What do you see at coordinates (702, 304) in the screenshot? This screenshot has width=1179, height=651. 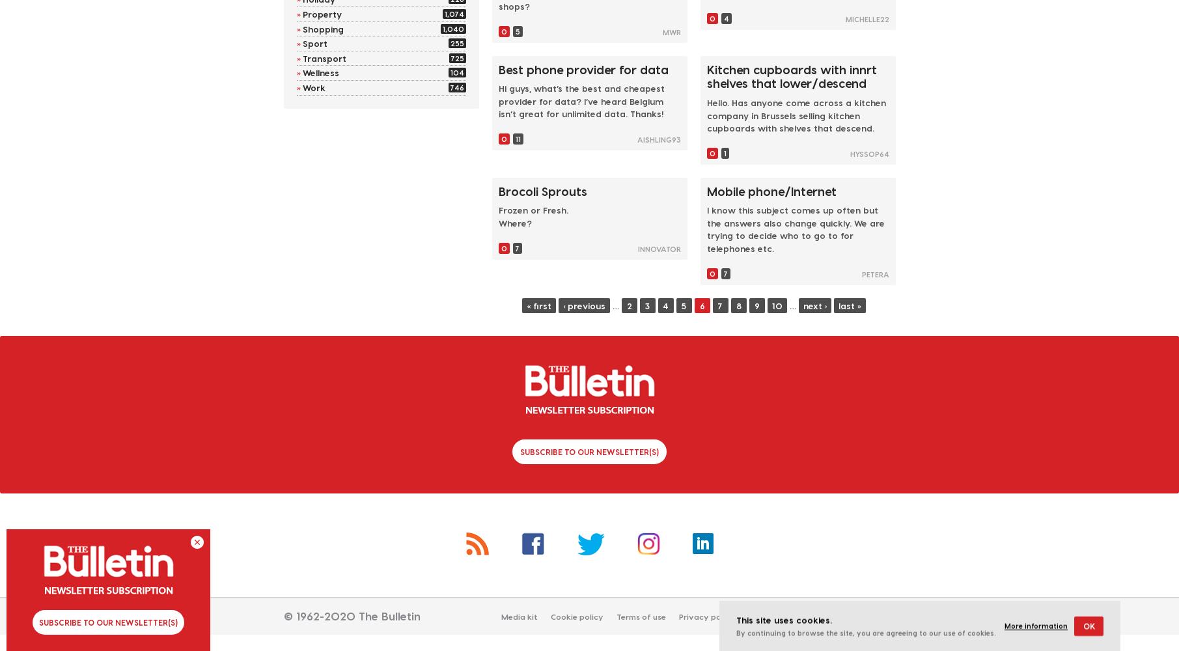 I see `'6'` at bounding box center [702, 304].